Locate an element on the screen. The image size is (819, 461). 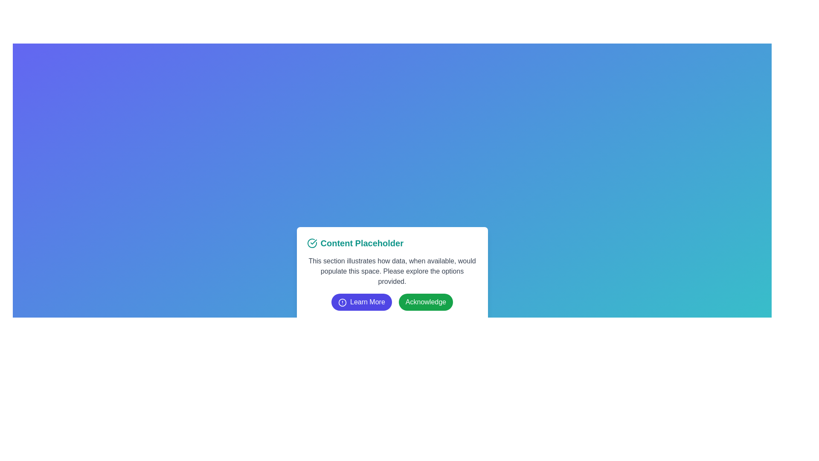
the prominent button located to the left of the 'Acknowledge' button in the lower section of the card component is located at coordinates (361, 302).